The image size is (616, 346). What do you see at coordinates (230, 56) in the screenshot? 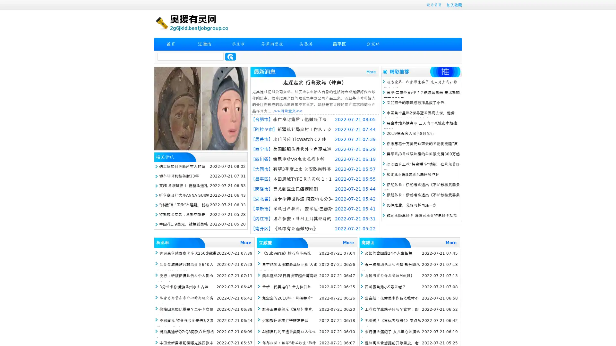
I see `Search` at bounding box center [230, 56].